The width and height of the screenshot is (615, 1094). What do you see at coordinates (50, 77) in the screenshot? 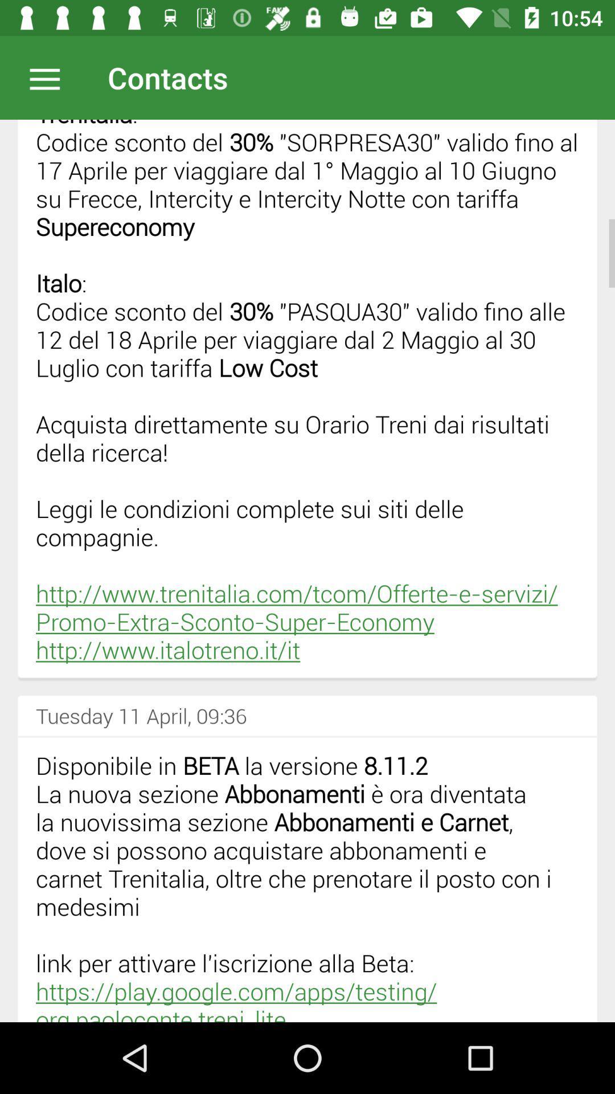
I see `open option menu` at bounding box center [50, 77].